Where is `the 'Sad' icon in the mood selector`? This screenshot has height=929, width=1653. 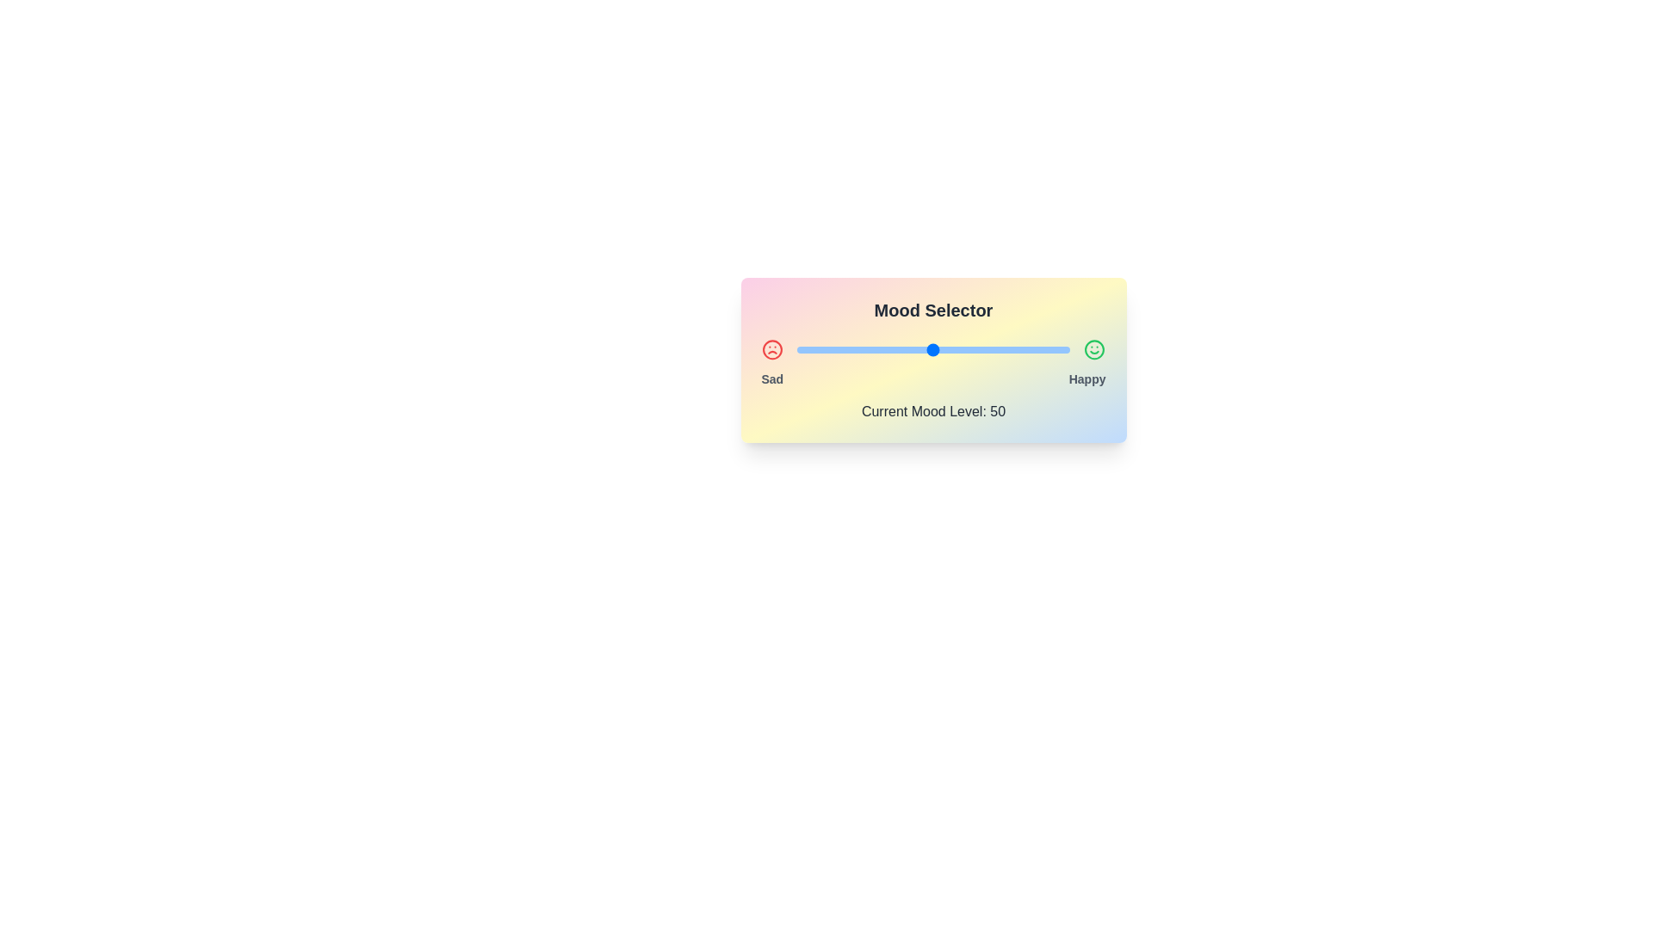
the 'Sad' icon in the mood selector is located at coordinates (771, 349).